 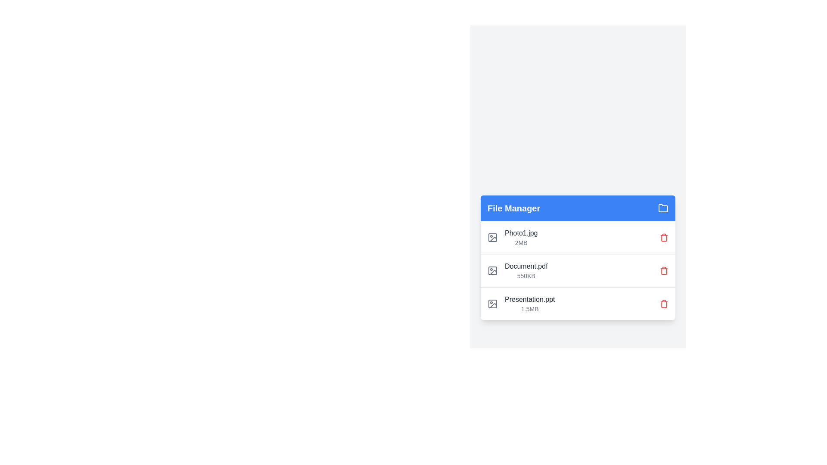 I want to click on the icon representing the file type for 'Photo1.jpg' located to the left of the text entry in the 'File Manager' section, so click(x=492, y=237).